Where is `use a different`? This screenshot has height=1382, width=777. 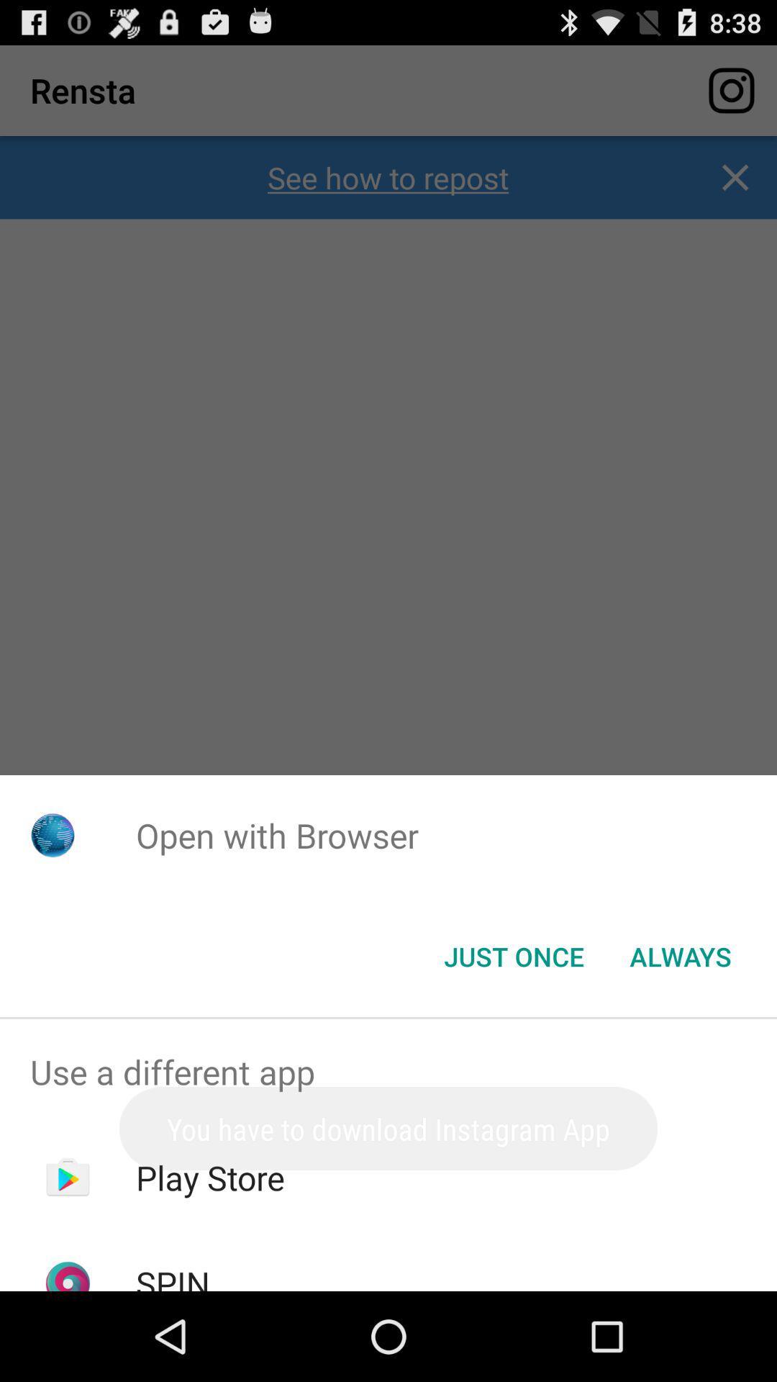
use a different is located at coordinates (388, 1072).